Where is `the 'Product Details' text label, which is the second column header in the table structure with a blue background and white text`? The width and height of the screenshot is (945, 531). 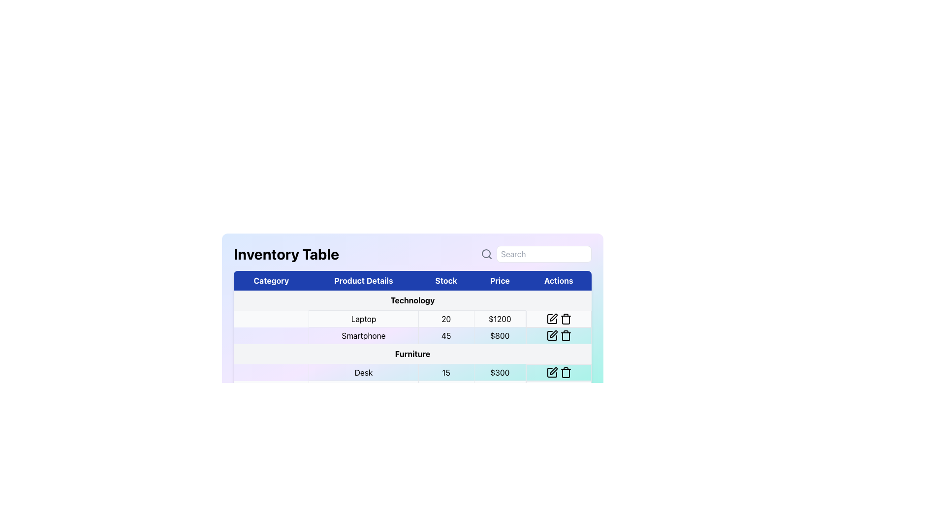
the 'Product Details' text label, which is the second column header in the table structure with a blue background and white text is located at coordinates (363, 280).